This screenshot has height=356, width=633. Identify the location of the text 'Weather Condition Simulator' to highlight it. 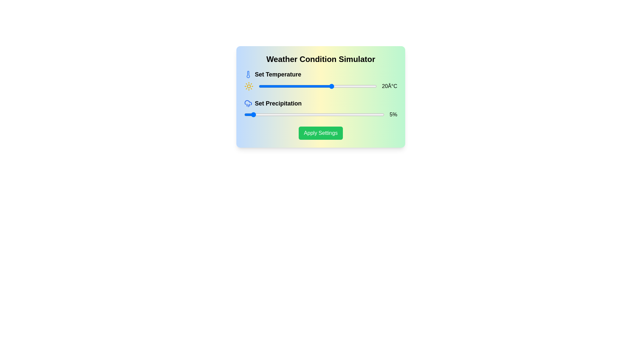
(321, 59).